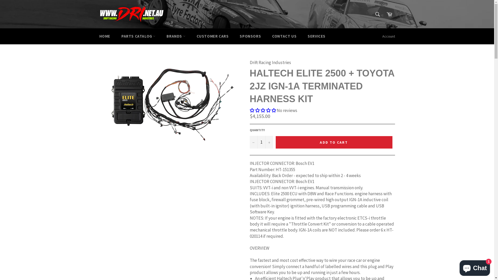  I want to click on 'Search', so click(377, 14).